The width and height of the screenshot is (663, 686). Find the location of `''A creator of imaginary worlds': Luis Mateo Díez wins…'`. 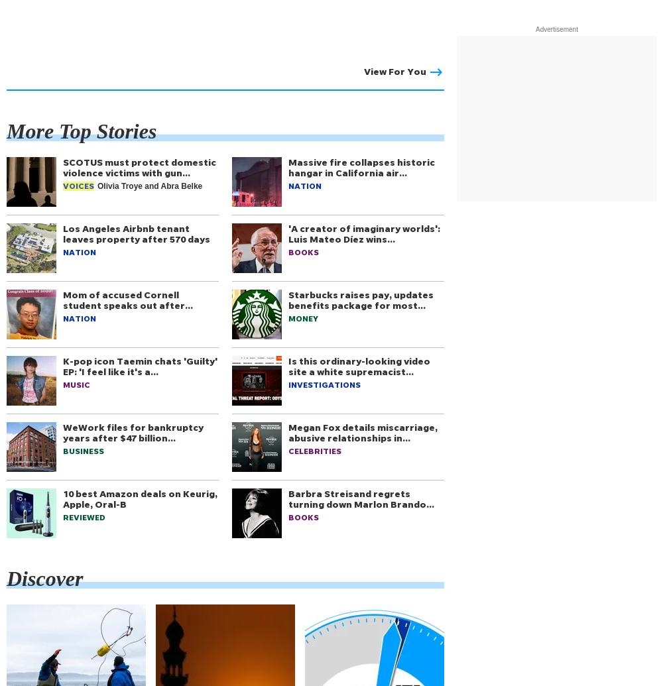

''A creator of imaginary worlds': Luis Mateo Díez wins…' is located at coordinates (364, 233).